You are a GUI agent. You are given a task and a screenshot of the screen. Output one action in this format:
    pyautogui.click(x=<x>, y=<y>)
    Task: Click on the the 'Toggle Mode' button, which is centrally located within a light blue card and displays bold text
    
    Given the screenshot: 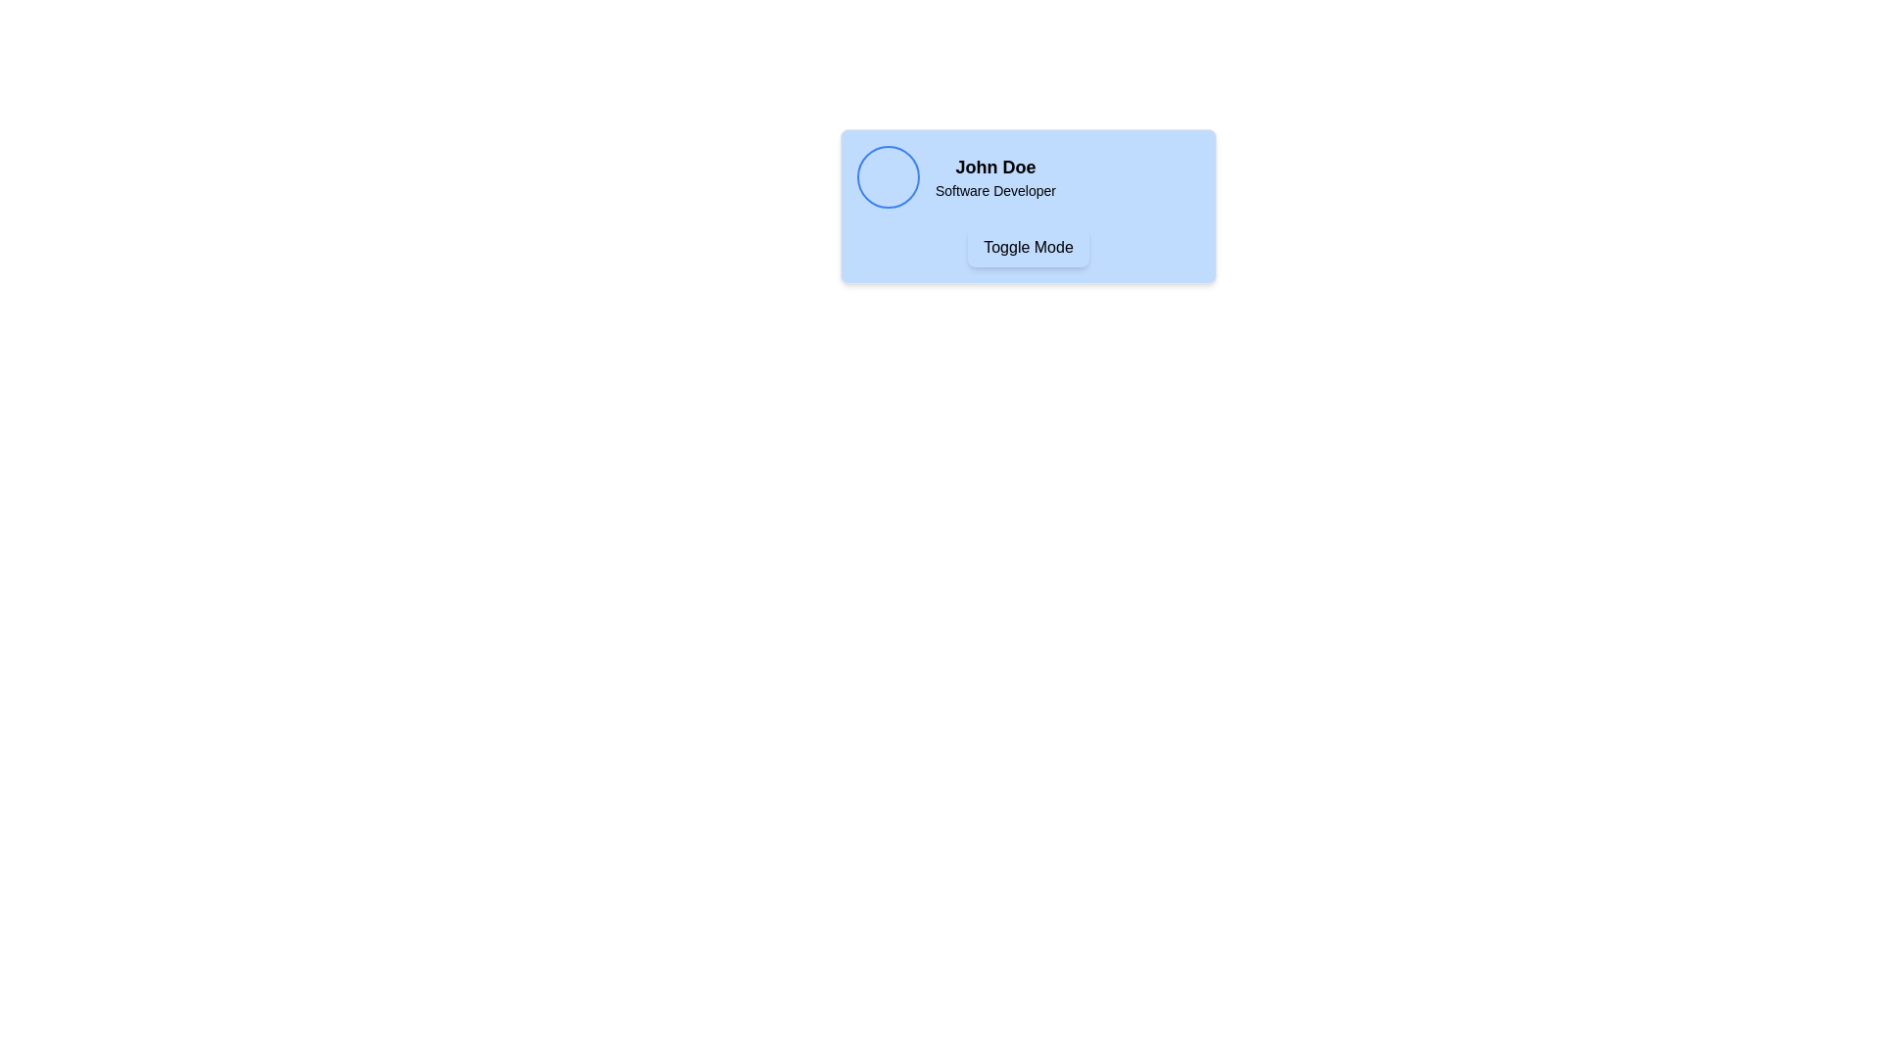 What is the action you would take?
    pyautogui.click(x=1028, y=247)
    